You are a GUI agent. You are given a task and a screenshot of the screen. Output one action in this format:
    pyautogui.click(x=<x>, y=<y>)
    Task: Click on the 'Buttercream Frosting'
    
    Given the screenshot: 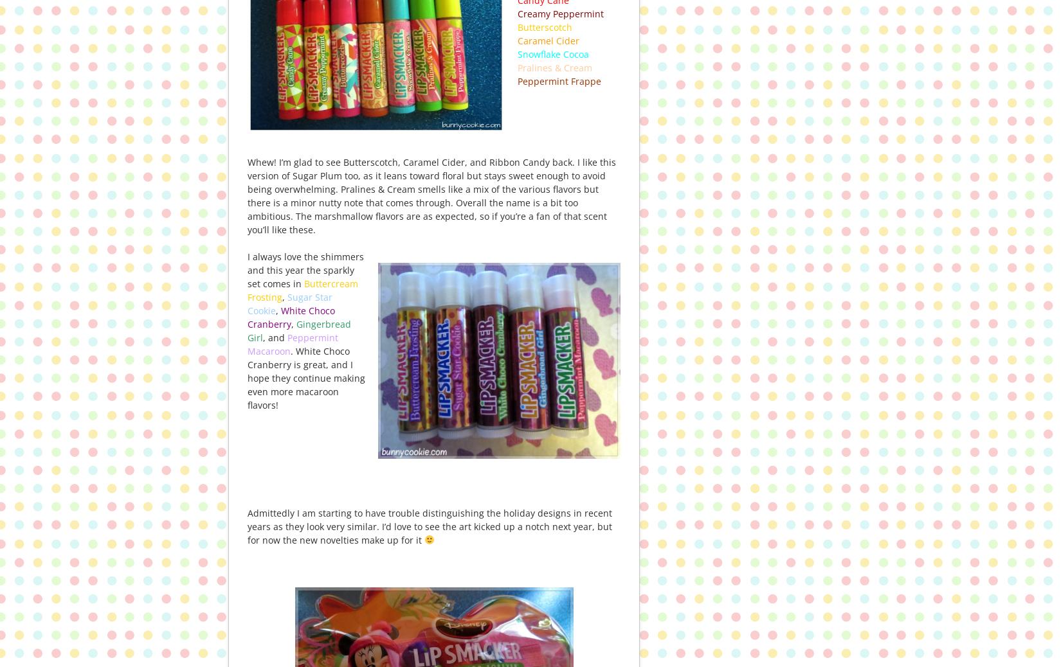 What is the action you would take?
    pyautogui.click(x=302, y=290)
    